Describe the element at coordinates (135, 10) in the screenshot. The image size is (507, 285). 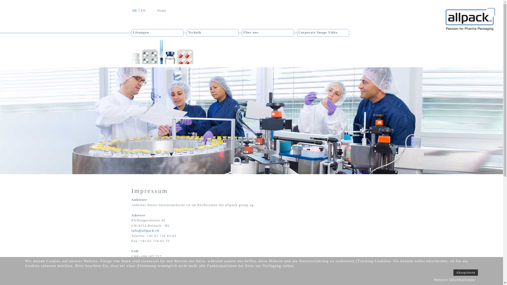
I see `'DE'` at that location.